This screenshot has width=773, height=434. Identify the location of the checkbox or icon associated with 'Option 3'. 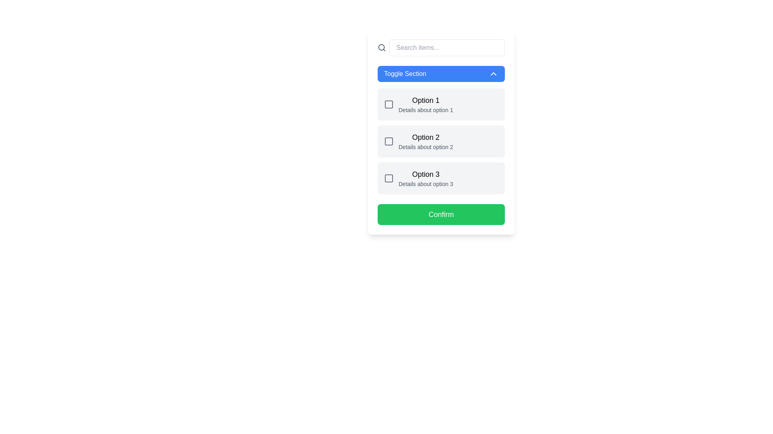
(389, 178).